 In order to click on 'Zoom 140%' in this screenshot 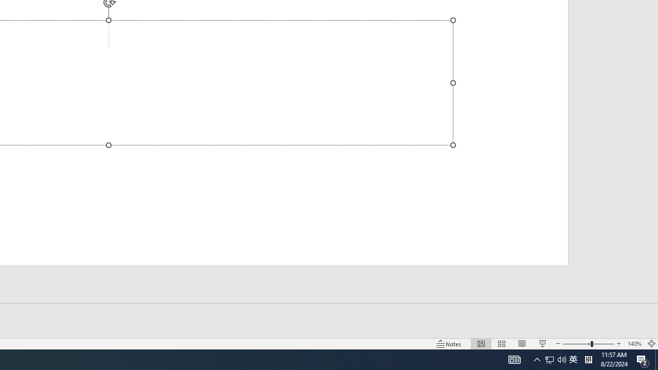, I will do `click(634, 344)`.